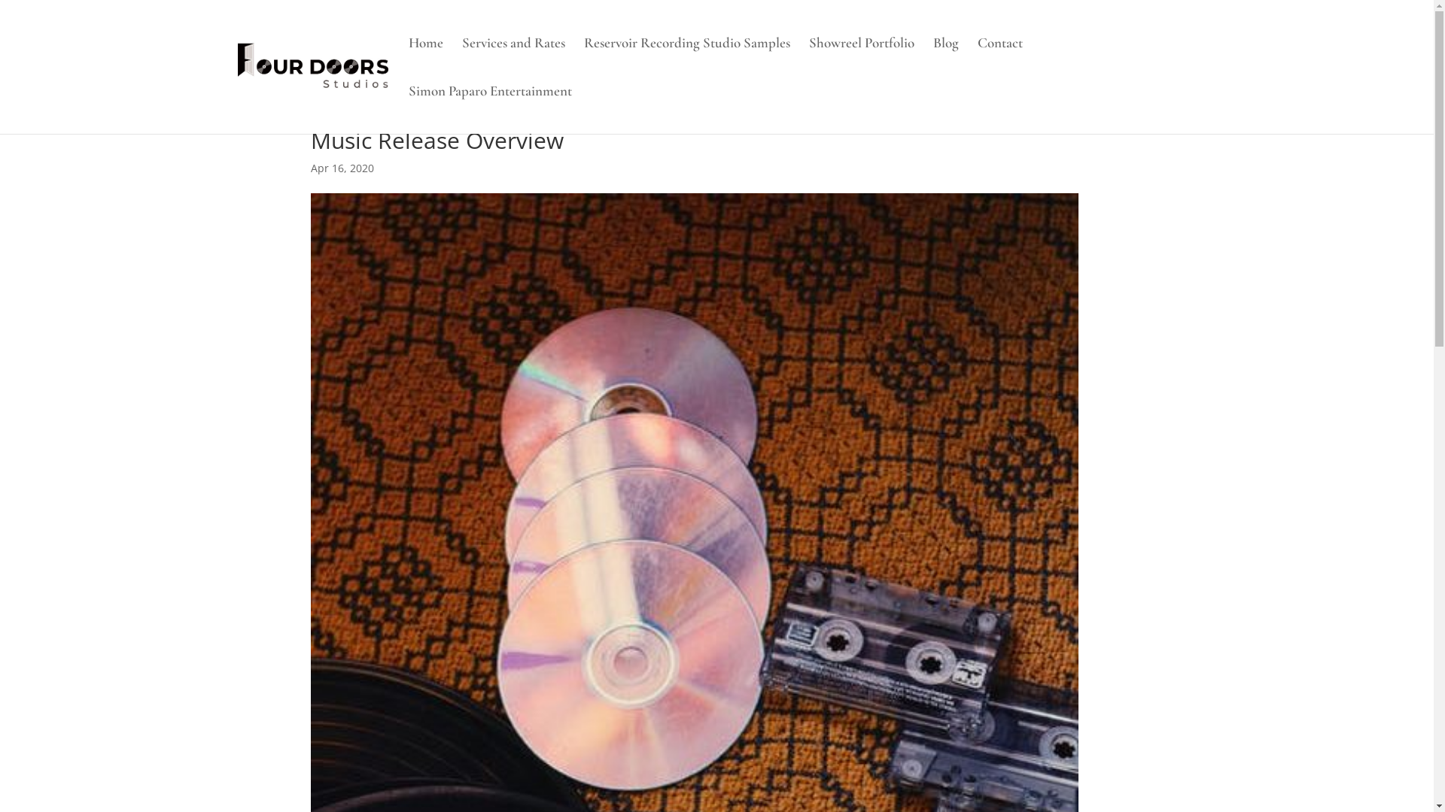 The image size is (1445, 812). Describe the element at coordinates (424, 60) in the screenshot. I see `'Home'` at that location.